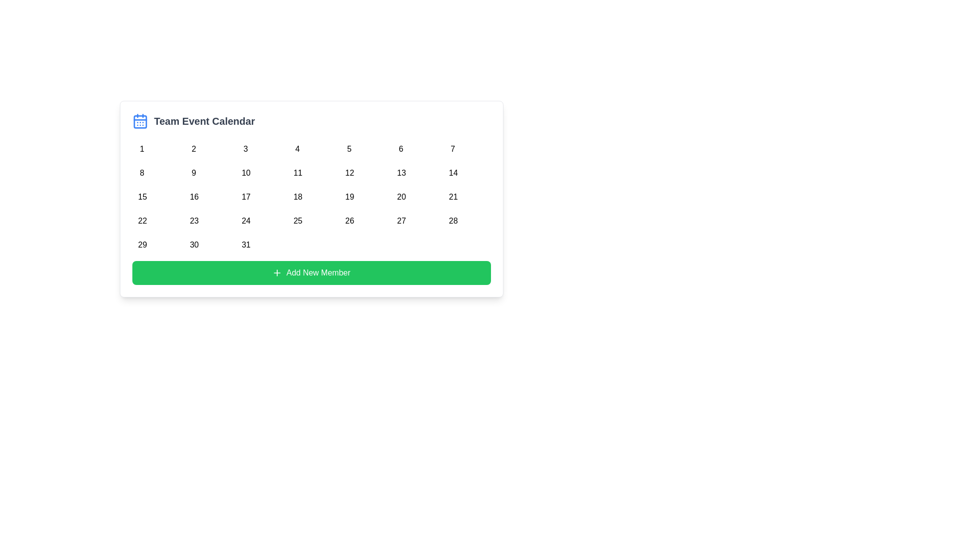 This screenshot has height=539, width=959. Describe the element at coordinates (452, 171) in the screenshot. I see `the button representing the 14th day in the calendar interface` at that location.